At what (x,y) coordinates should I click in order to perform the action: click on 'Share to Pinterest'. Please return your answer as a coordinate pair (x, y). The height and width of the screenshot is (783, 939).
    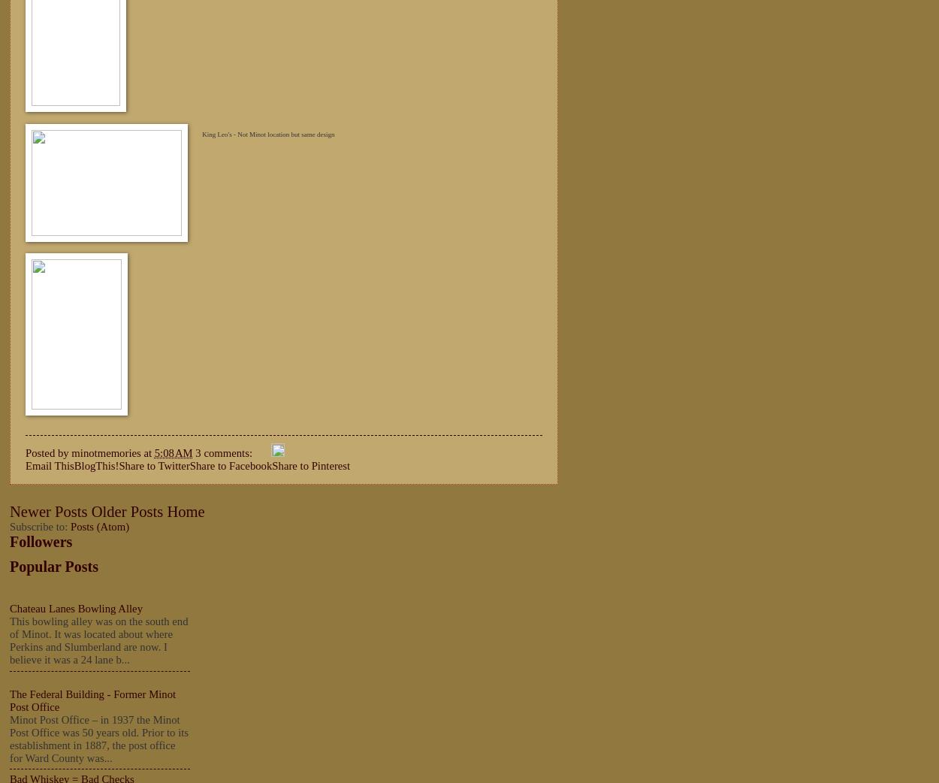
    Looking at the image, I should click on (311, 464).